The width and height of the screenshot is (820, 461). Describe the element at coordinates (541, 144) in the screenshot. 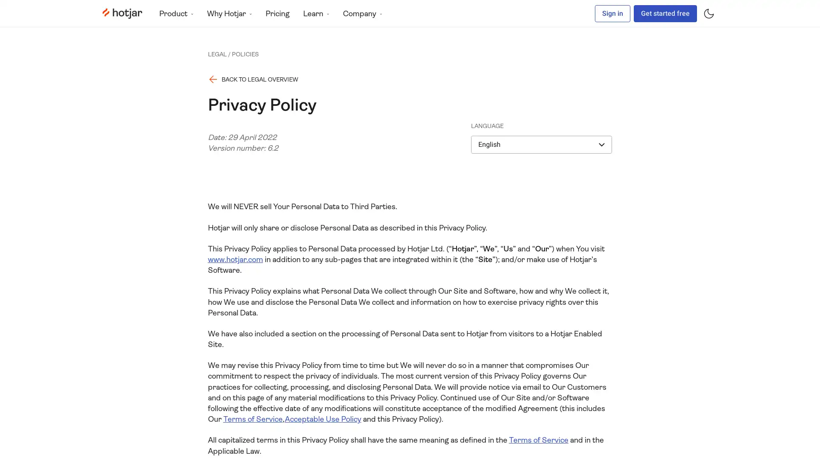

I see `English` at that location.